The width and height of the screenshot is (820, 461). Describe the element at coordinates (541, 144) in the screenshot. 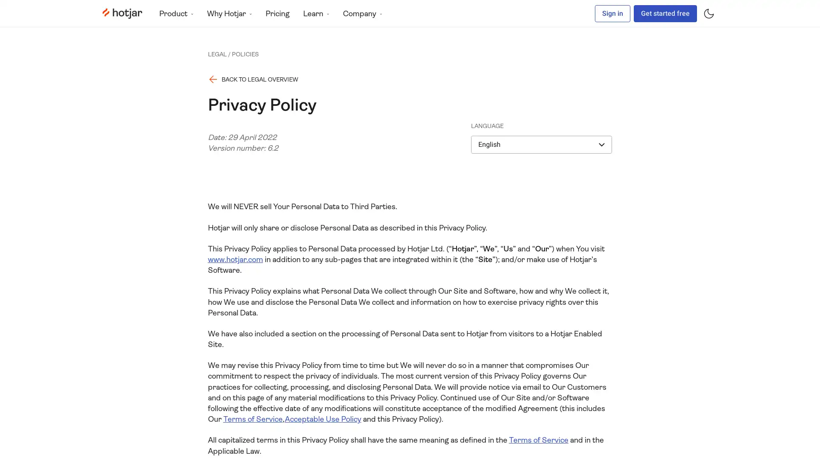

I see `English` at that location.